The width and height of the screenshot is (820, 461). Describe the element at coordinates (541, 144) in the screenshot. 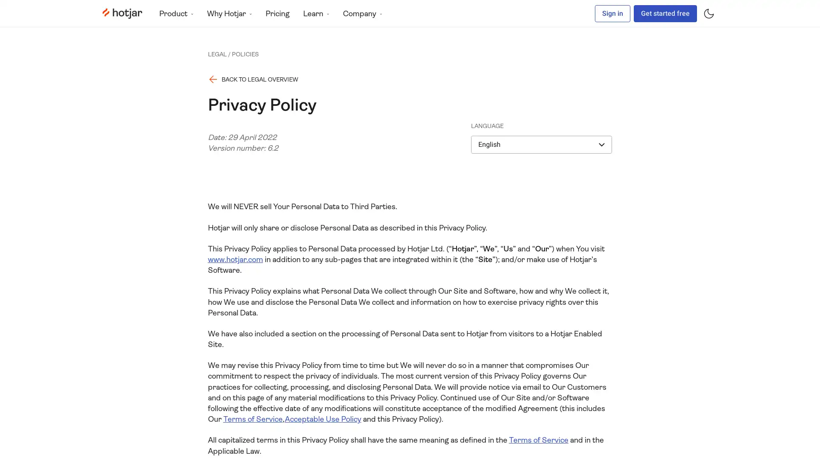

I see `English` at that location.